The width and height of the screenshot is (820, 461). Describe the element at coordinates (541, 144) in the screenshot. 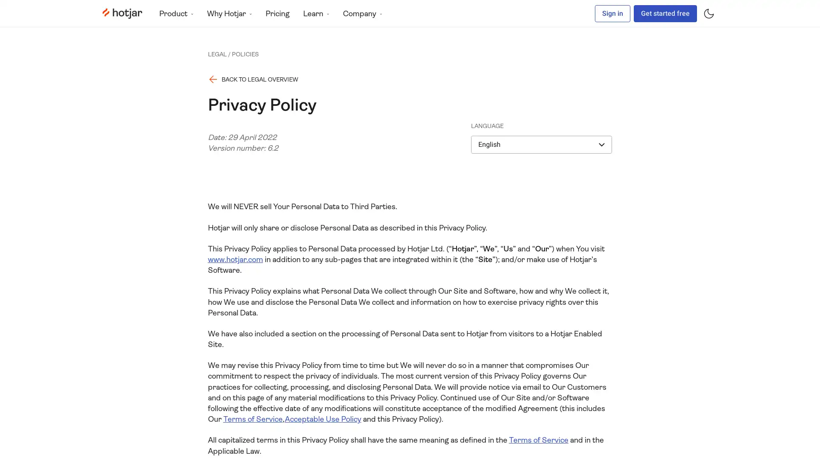

I see `English` at that location.